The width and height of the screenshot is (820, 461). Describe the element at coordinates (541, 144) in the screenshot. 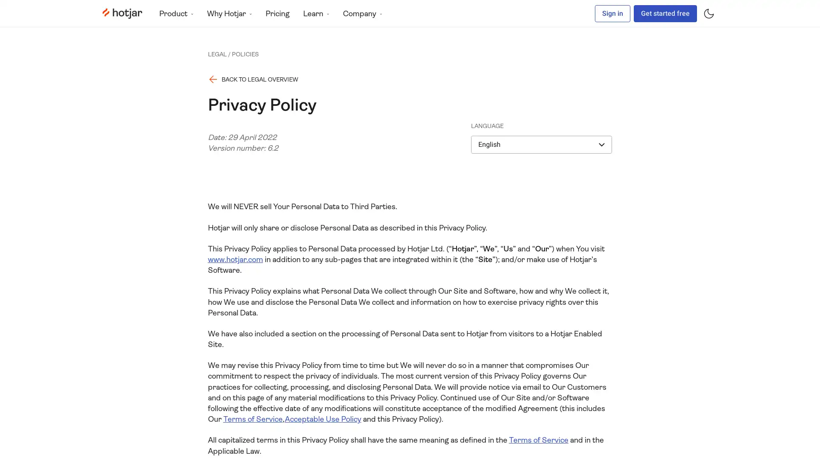

I see `English` at that location.